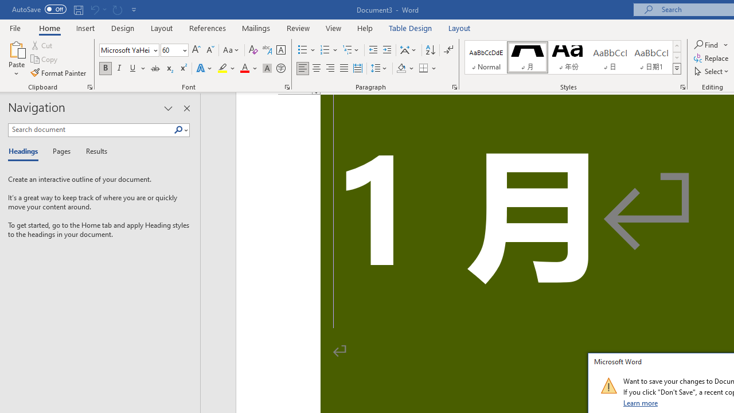 Image resolution: width=734 pixels, height=413 pixels. Describe the element at coordinates (174, 49) in the screenshot. I see `'Font Size'` at that location.